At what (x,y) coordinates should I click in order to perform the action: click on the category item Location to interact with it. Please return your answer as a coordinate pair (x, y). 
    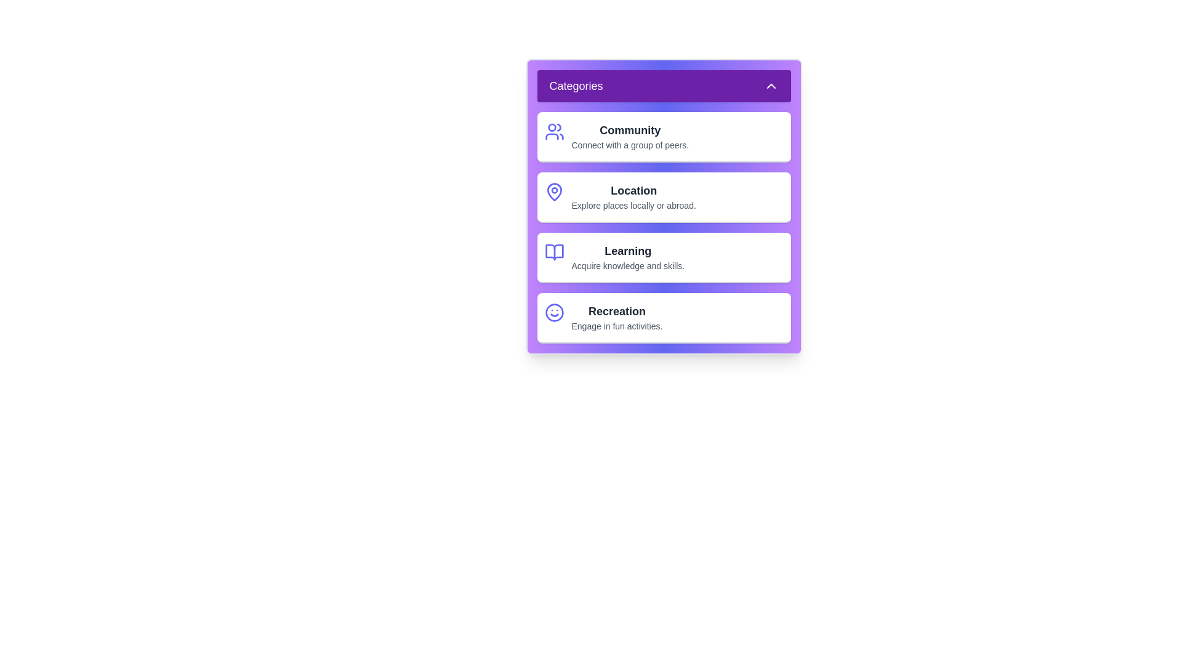
    Looking at the image, I should click on (663, 196).